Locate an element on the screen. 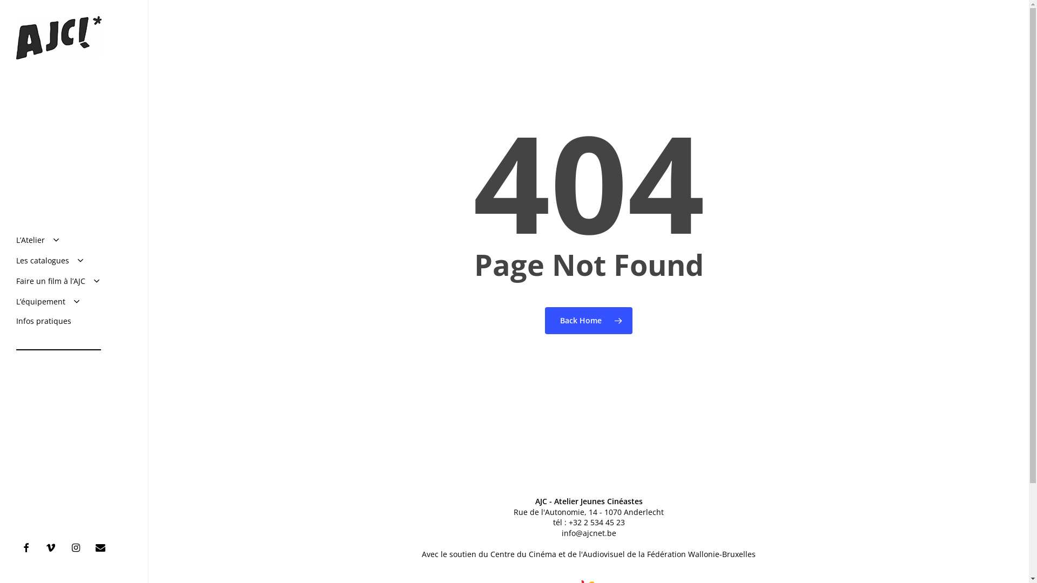 The width and height of the screenshot is (1037, 583). 'vimeo' is located at coordinates (41, 547).